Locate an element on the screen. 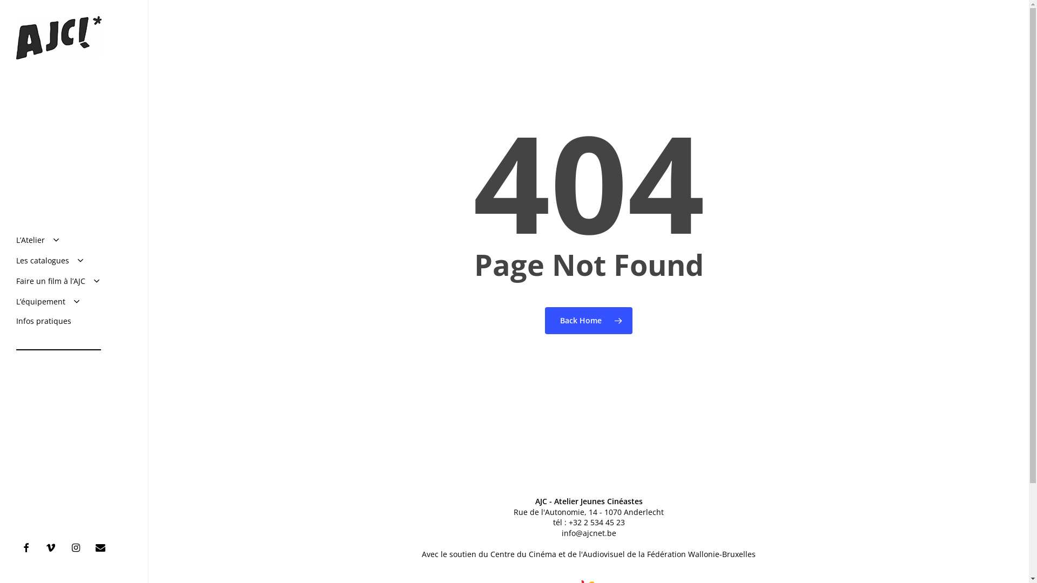 The width and height of the screenshot is (1037, 583). 'vimeo' is located at coordinates (41, 547).